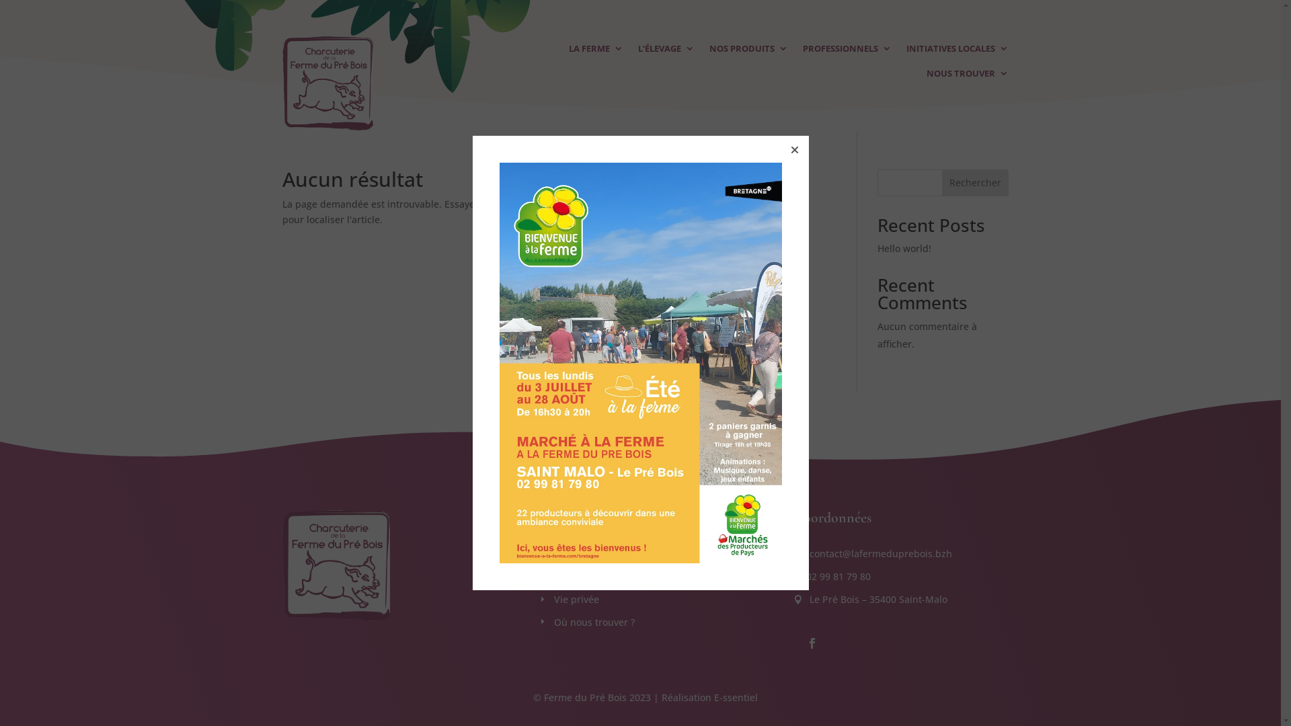 The height and width of the screenshot is (726, 1291). What do you see at coordinates (327, 83) in the screenshot?
I see `'logo-ferme-du-pre-bois'` at bounding box center [327, 83].